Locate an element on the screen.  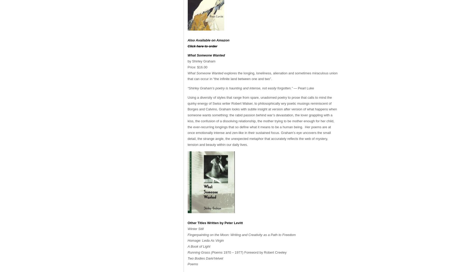
'Poems' is located at coordinates (192, 264).